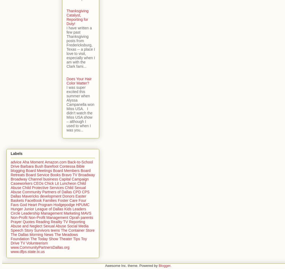  What do you see at coordinates (132, 266) in the screenshot?
I see `'Awesome Inc. theme. Powered by'` at bounding box center [132, 266].